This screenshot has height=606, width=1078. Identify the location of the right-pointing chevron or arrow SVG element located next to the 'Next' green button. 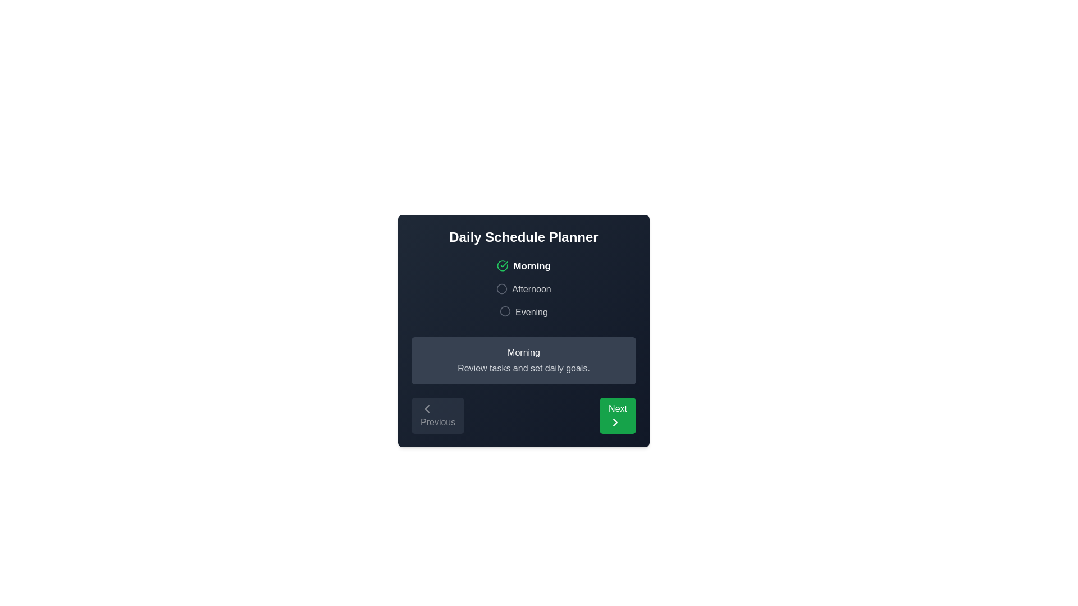
(615, 423).